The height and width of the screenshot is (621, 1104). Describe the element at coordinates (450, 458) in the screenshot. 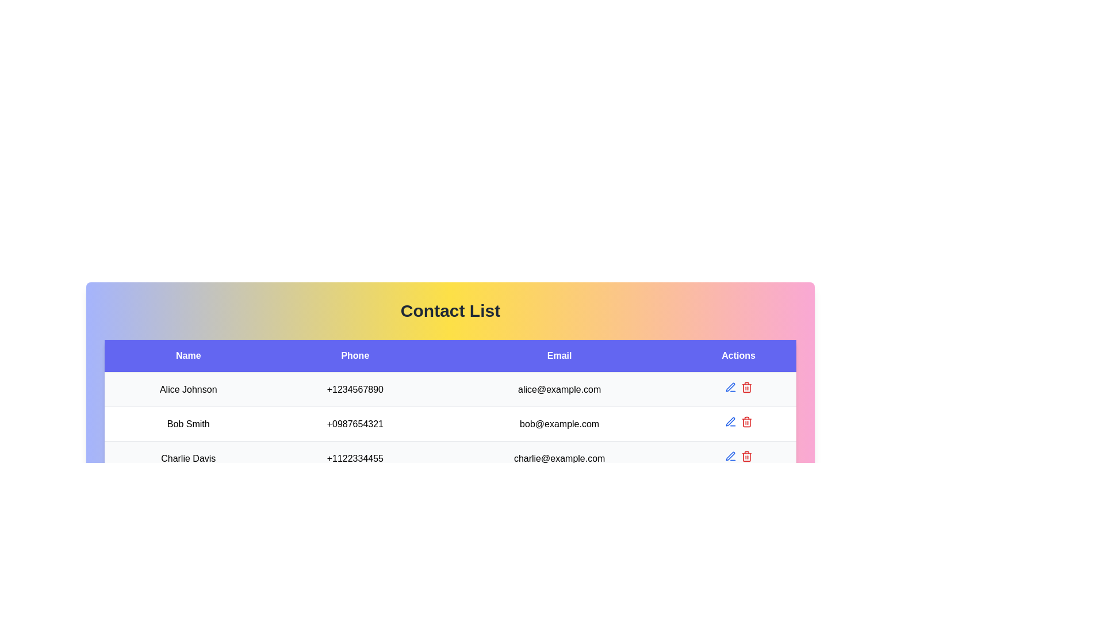

I see `the contact row representing 'Charlie Davis' in the contact list` at that location.